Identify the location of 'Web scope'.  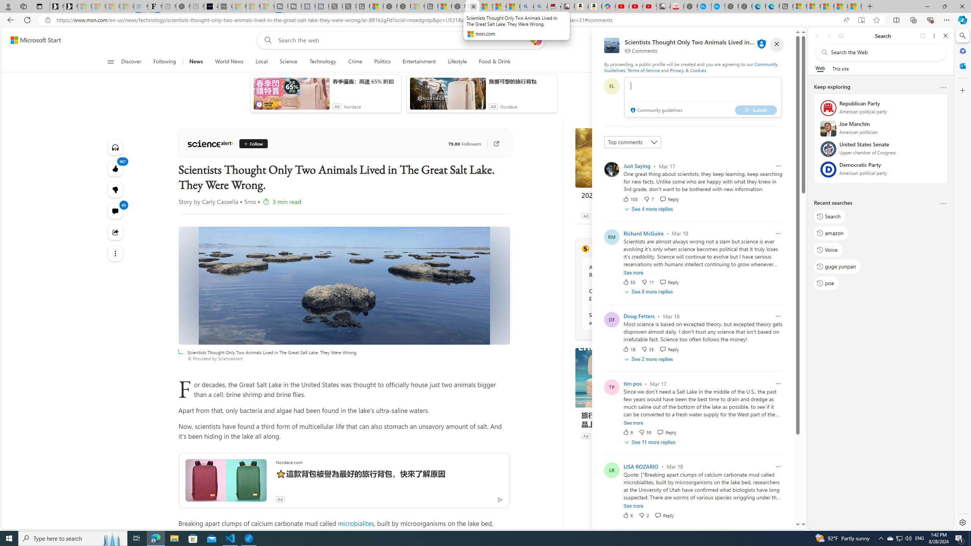
(820, 68).